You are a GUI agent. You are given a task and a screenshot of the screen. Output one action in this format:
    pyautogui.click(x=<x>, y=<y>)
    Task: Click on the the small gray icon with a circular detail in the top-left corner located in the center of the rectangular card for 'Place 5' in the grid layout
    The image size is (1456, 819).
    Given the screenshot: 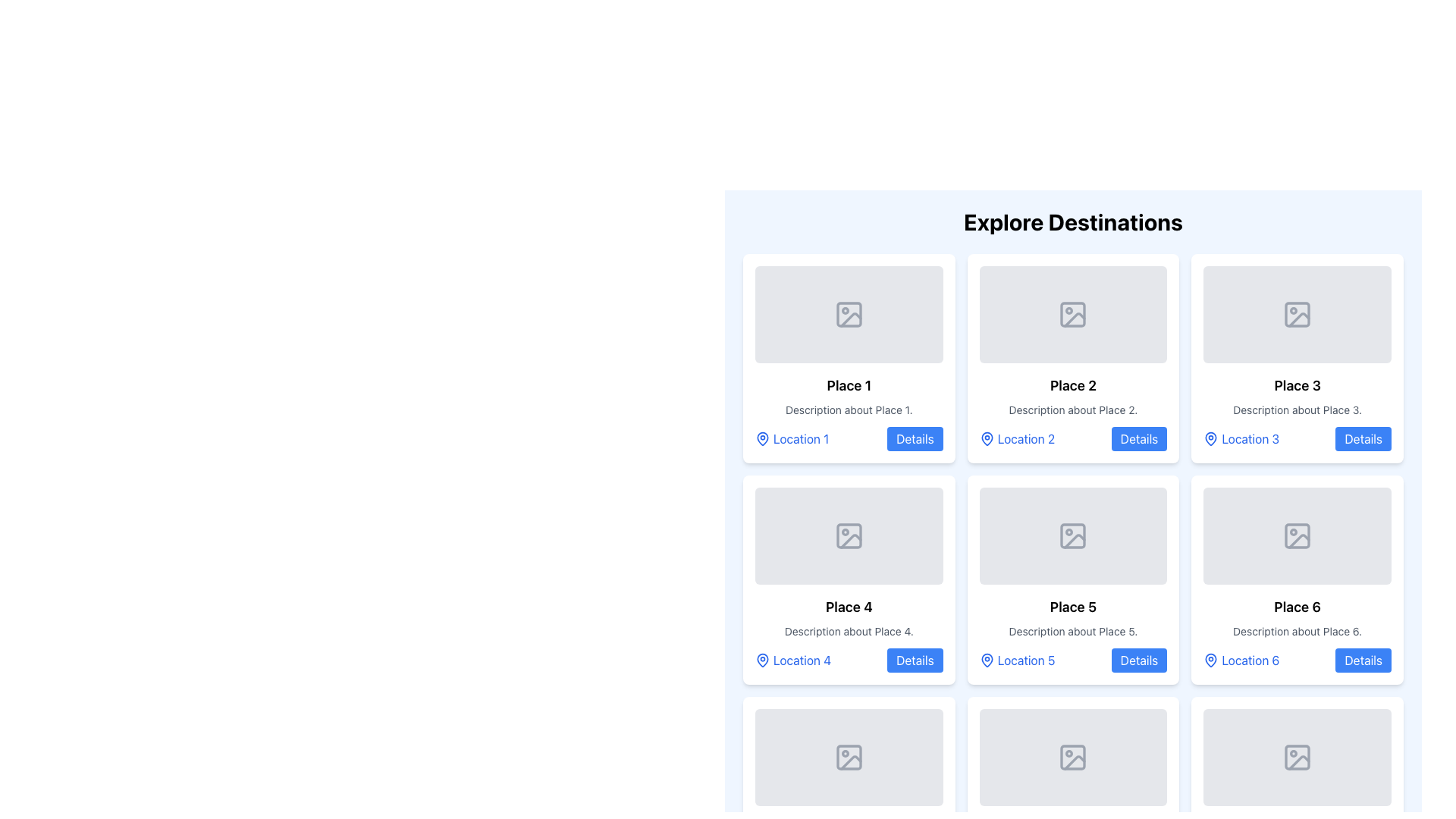 What is the action you would take?
    pyautogui.click(x=1072, y=758)
    